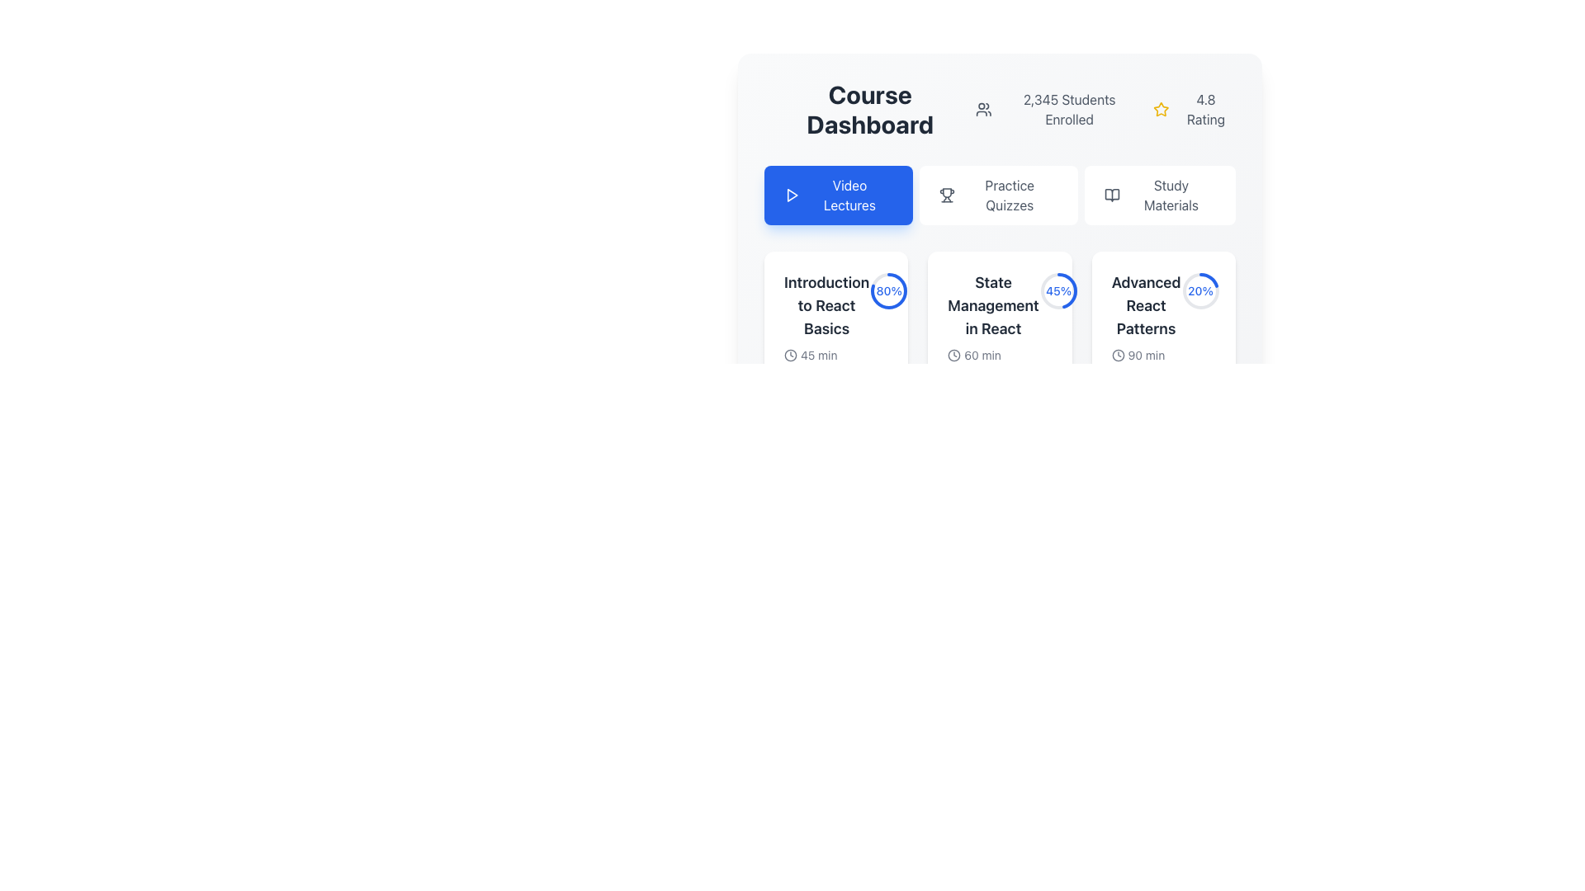 The width and height of the screenshot is (1585, 891). Describe the element at coordinates (1058, 290) in the screenshot. I see `the Progress indicator located within the card titled 'State Management in React', which visually represents progress with a percentage value inside a circle` at that location.